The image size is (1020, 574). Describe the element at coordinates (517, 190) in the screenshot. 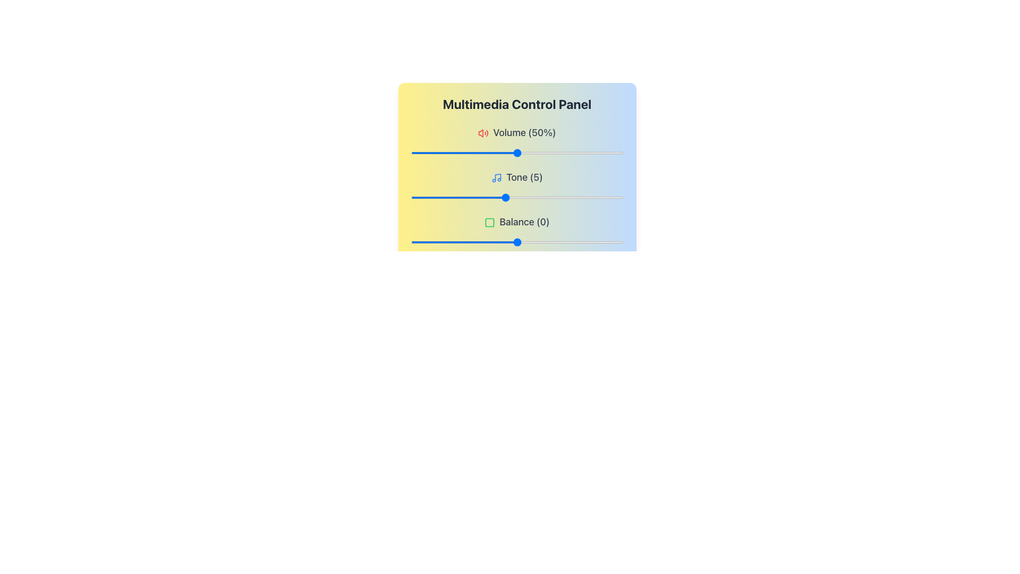

I see `the control panel interface element that contains sliders for adjusting multimedia settings like volume, tone, and balance` at that location.